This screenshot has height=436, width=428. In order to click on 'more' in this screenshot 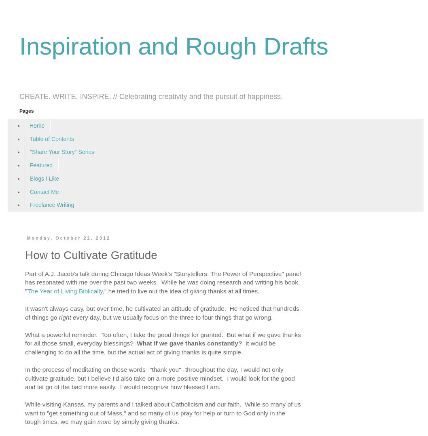, I will do `click(97, 421)`.